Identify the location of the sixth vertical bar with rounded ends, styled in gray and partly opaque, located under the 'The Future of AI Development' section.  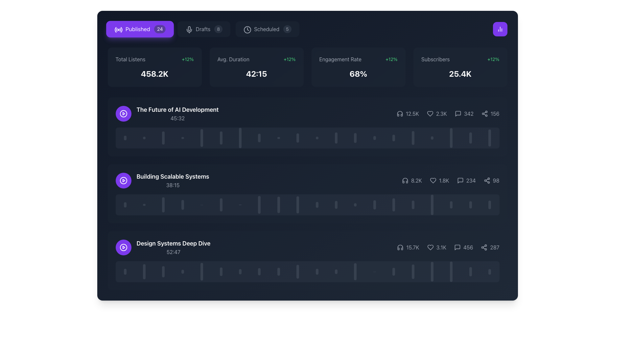
(221, 137).